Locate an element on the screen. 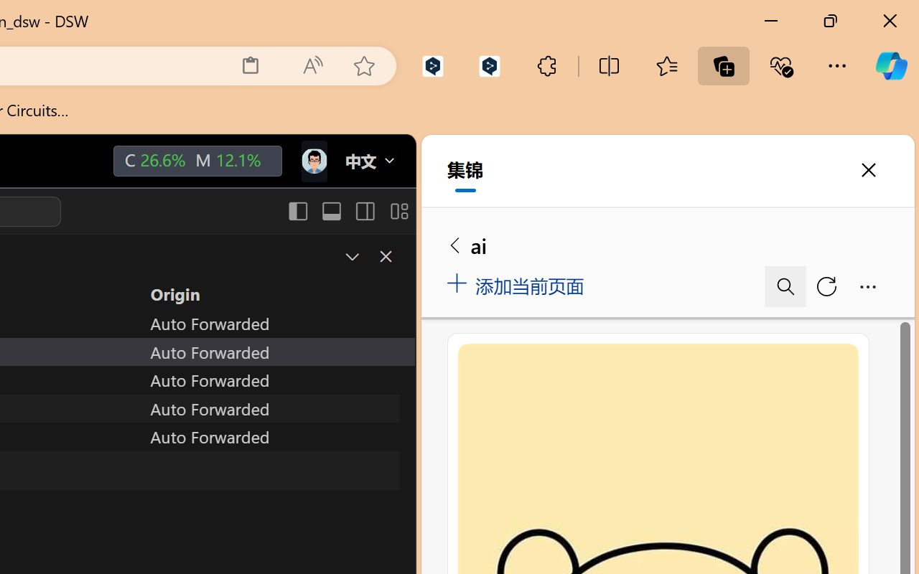 The height and width of the screenshot is (574, 919). 'Customize Layout...' is located at coordinates (398, 211).